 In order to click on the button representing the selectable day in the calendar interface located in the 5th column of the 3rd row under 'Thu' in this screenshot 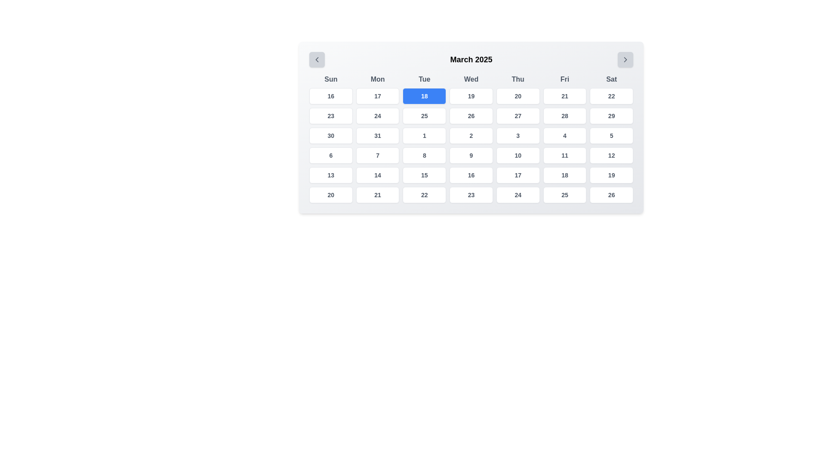, I will do `click(518, 116)`.